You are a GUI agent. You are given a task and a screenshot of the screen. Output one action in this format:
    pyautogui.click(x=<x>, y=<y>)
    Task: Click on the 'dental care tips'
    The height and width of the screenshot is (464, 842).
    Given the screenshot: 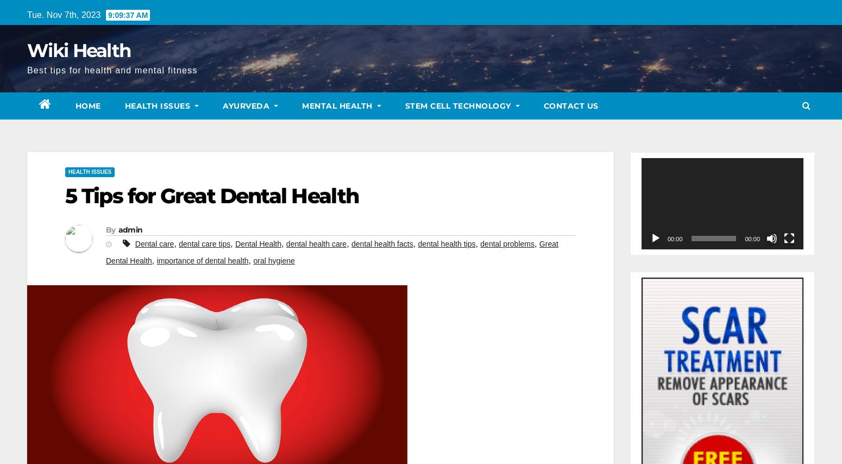 What is the action you would take?
    pyautogui.click(x=204, y=243)
    